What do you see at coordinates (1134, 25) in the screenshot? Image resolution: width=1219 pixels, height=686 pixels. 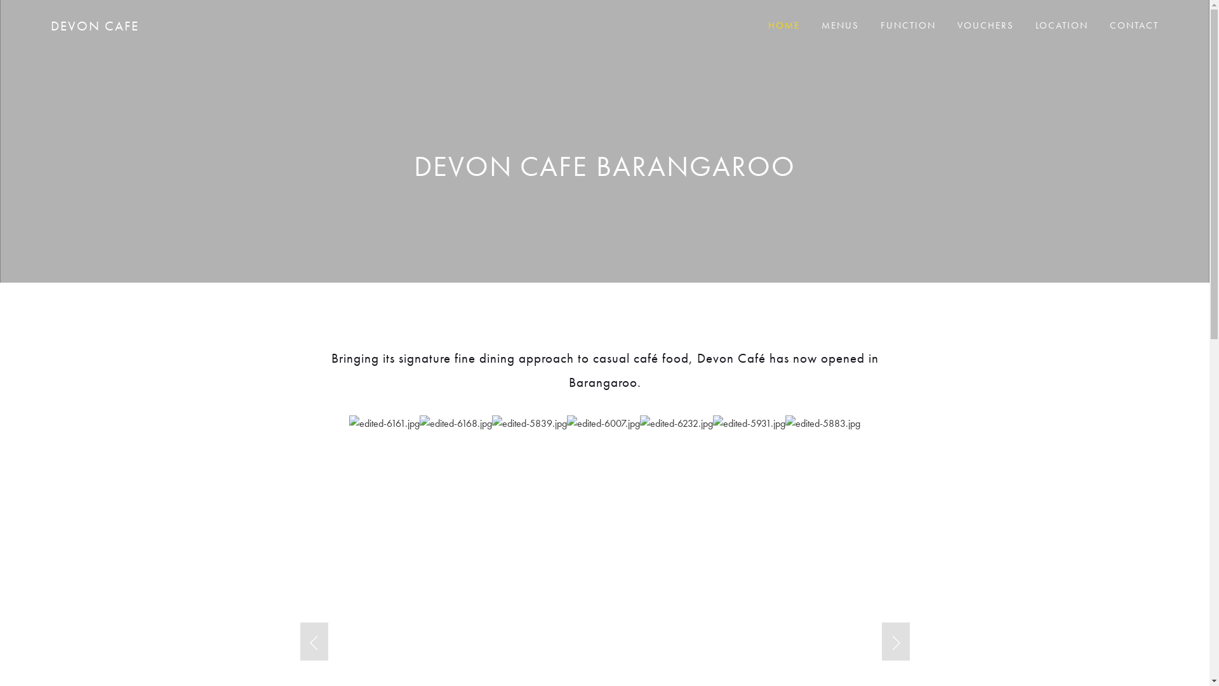 I see `'CONTACT'` at bounding box center [1134, 25].